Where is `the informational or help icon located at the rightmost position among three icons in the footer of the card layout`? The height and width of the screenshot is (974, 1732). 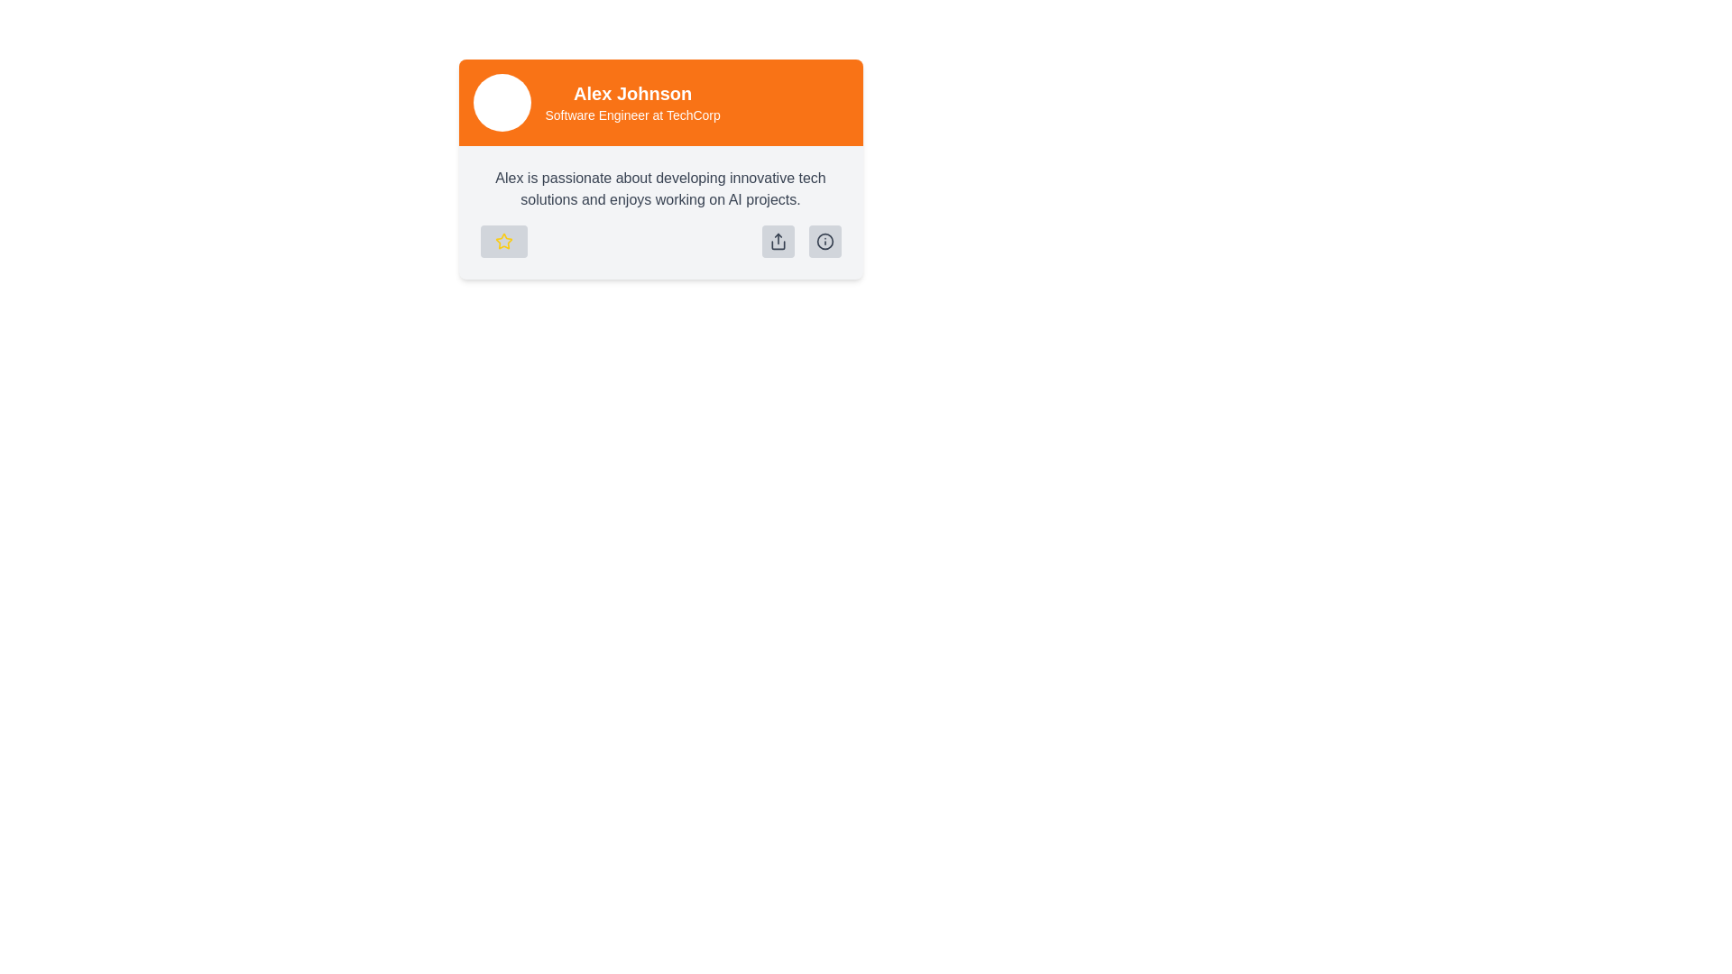 the informational or help icon located at the rightmost position among three icons in the footer of the card layout is located at coordinates (824, 240).